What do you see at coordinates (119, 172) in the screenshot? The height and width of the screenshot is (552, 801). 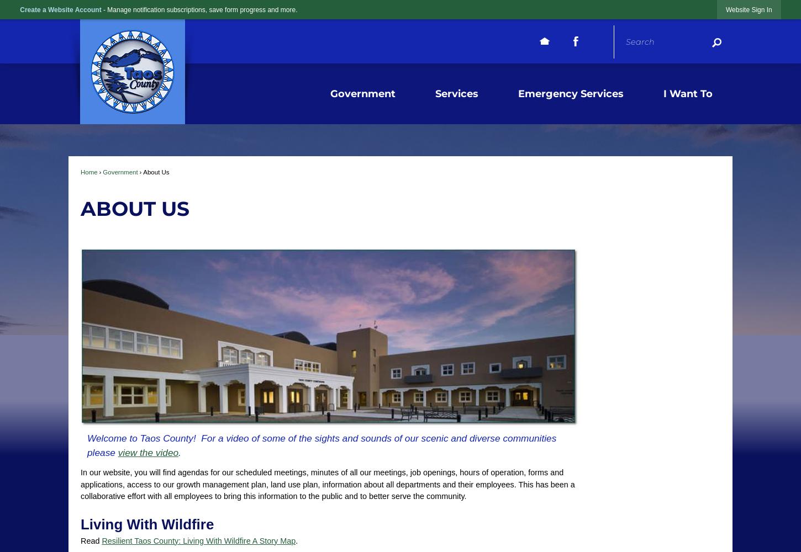 I see `'Government'` at bounding box center [119, 172].